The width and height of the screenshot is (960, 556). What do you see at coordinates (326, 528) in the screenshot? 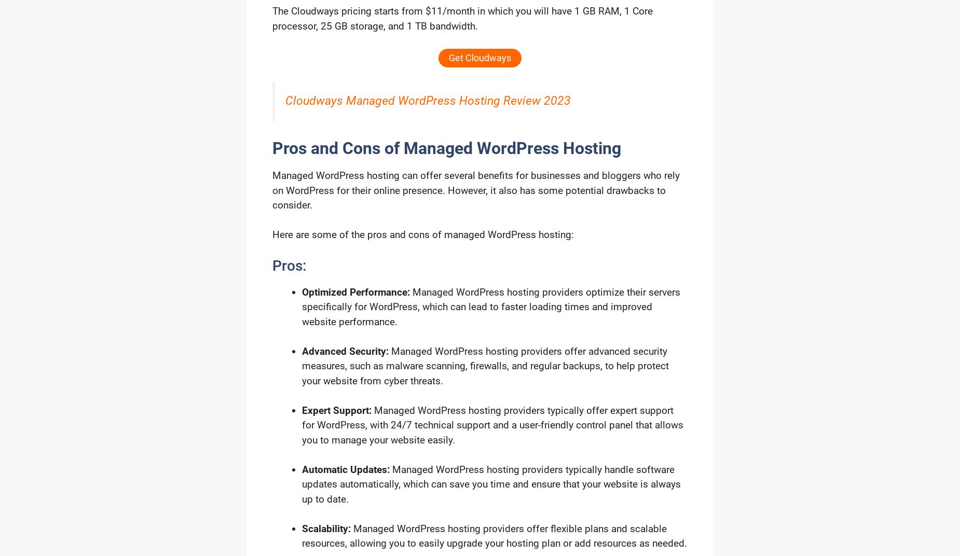
I see `'Scalability:'` at bounding box center [326, 528].